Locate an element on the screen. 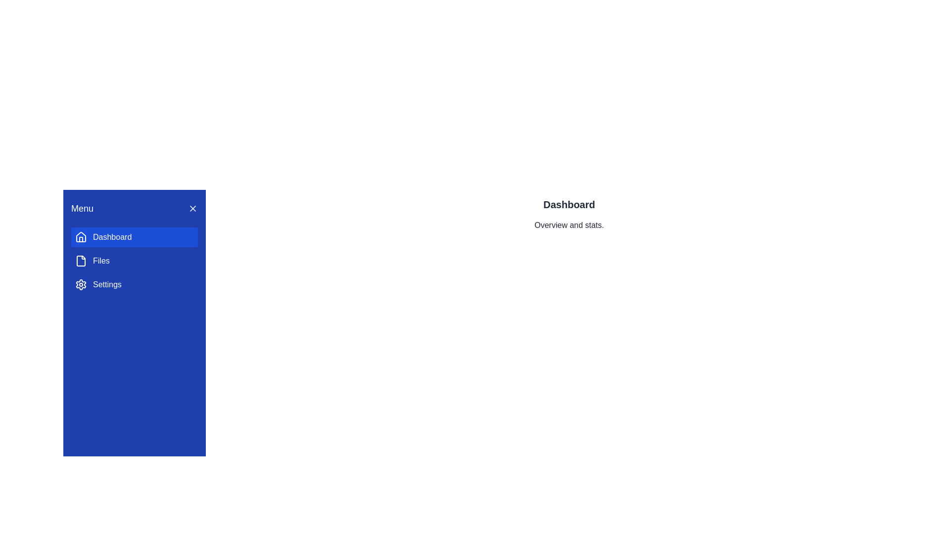  the Settings tab by clicking on its label is located at coordinates (134, 284).